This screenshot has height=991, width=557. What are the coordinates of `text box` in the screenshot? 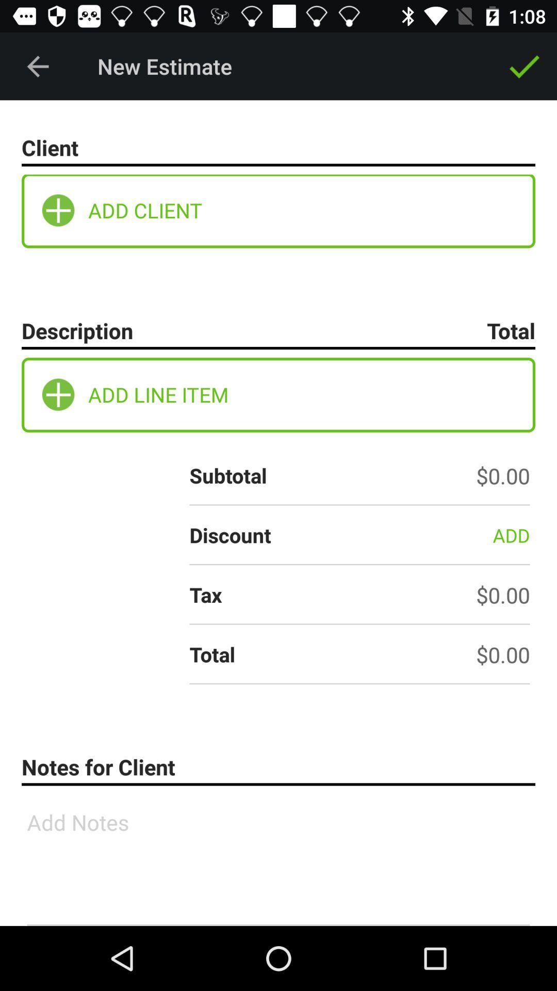 It's located at (278, 860).